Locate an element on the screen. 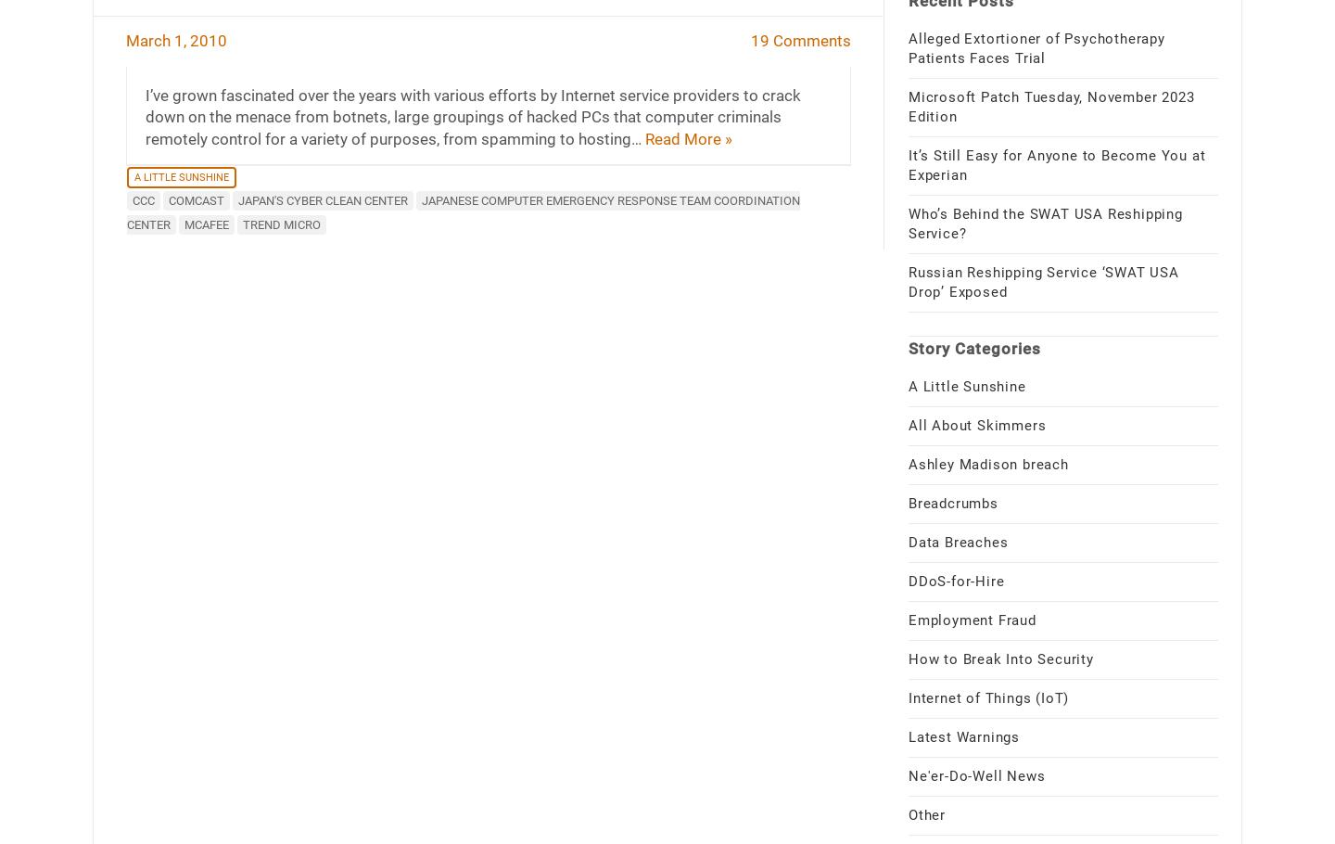 The width and height of the screenshot is (1335, 844). 'All About Skimmers' is located at coordinates (976, 424).